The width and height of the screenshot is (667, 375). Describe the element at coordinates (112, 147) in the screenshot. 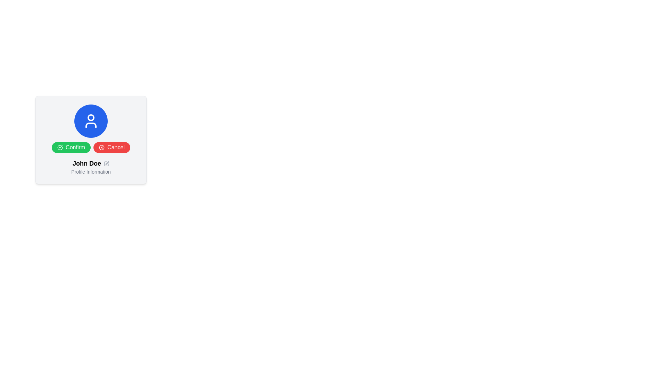

I see `the red 'Cancel' button with rounded edges, labeled in white text` at that location.